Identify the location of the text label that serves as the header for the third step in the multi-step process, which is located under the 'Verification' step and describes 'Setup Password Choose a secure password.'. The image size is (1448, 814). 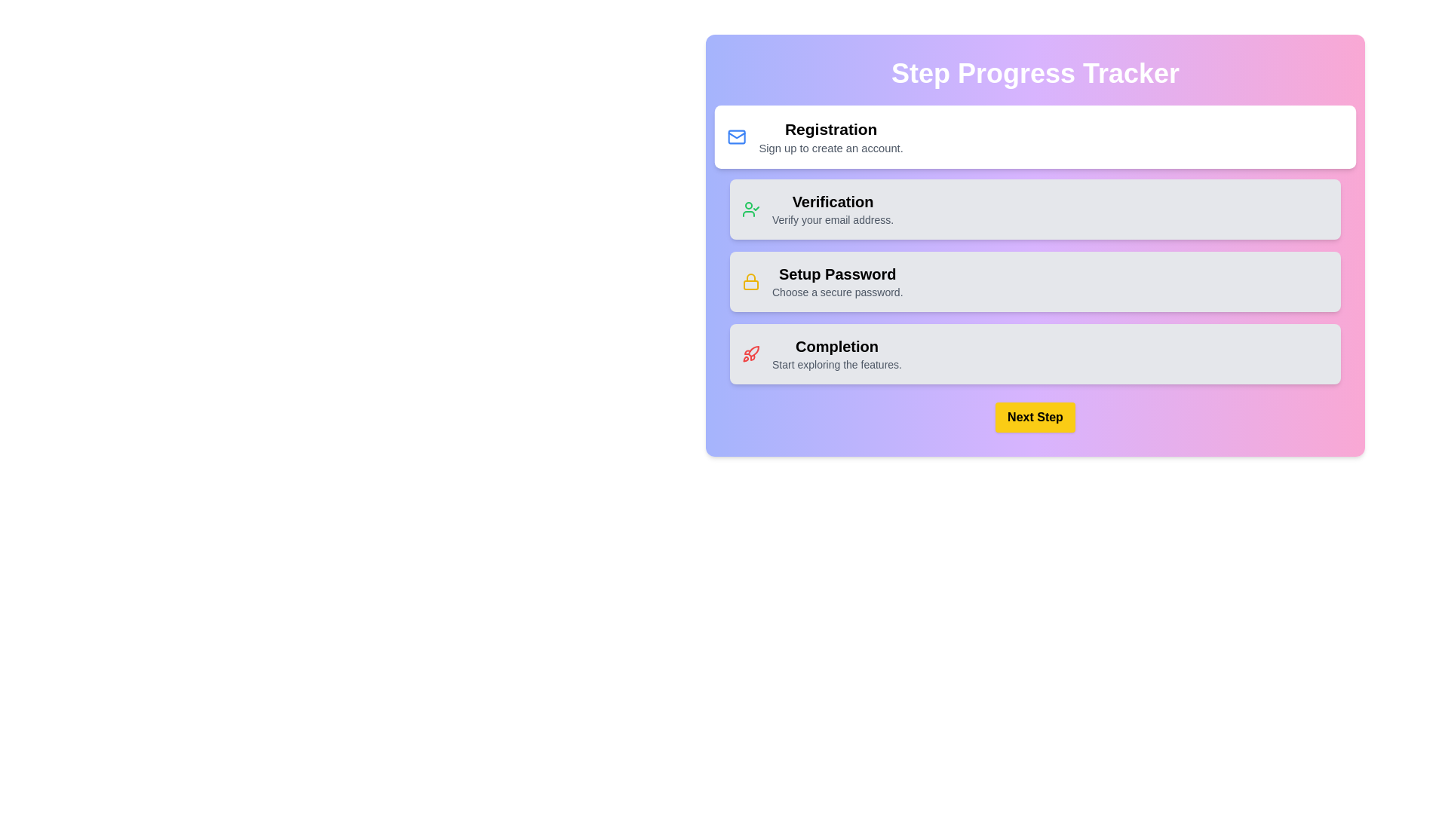
(836, 274).